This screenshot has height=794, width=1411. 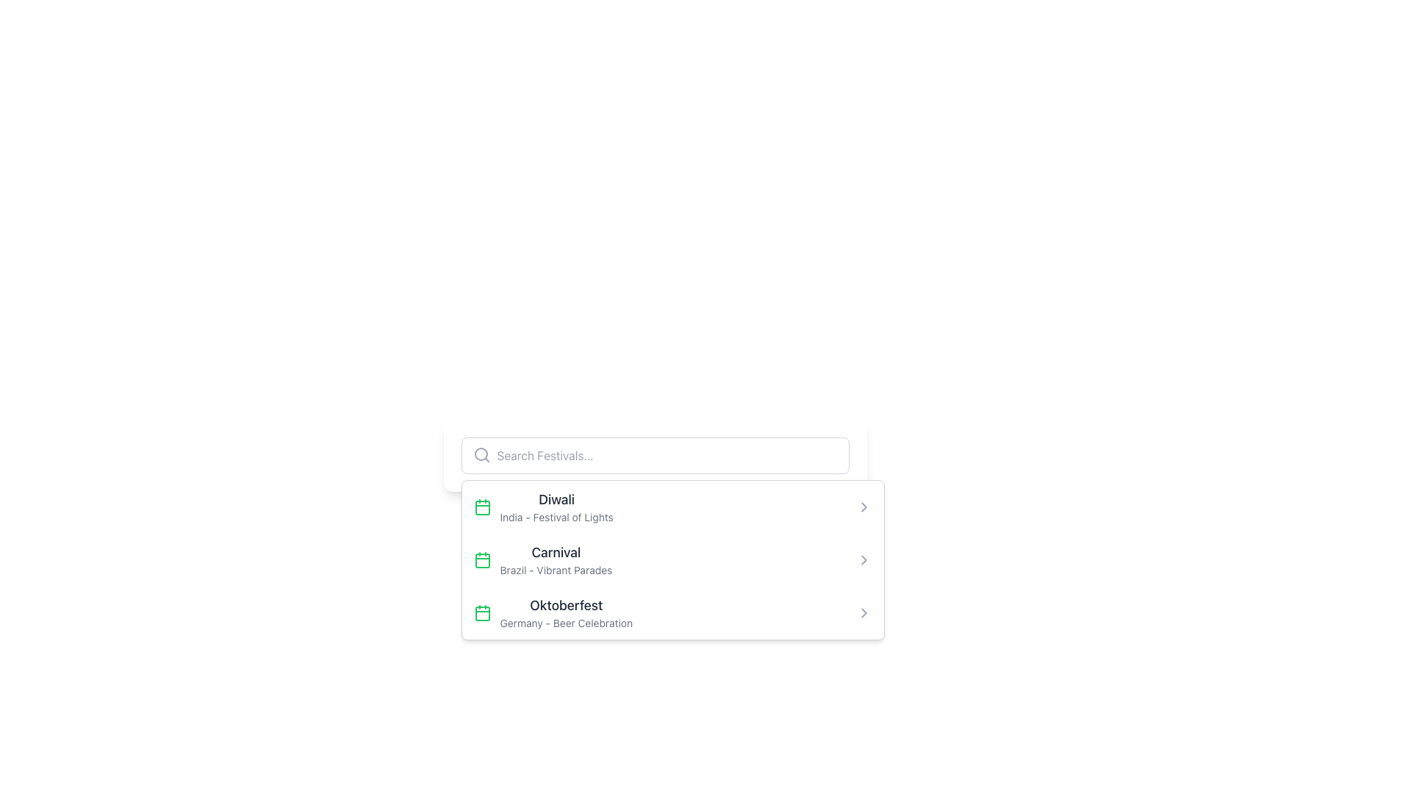 I want to click on the Diwali event icon, which is the first icon in the first row, located to the immediate left of the text 'Diwali' in the list of events, so click(x=482, y=507).